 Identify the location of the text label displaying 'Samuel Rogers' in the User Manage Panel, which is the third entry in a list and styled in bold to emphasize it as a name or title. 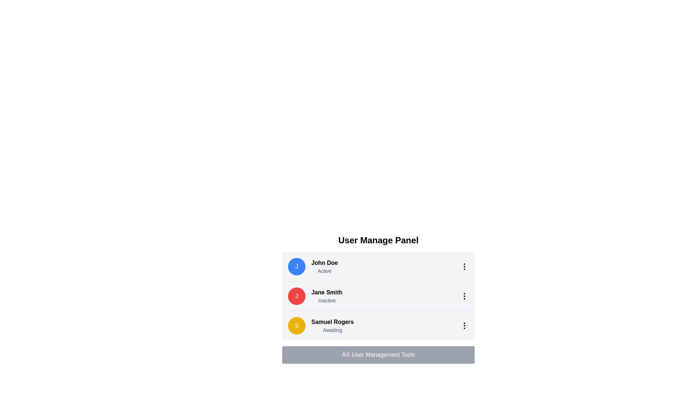
(332, 322).